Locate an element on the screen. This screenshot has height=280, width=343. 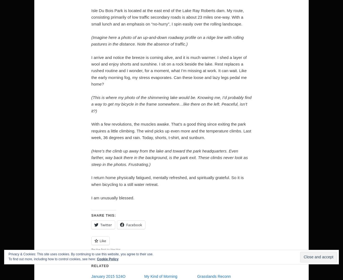
'Cookie Policy' is located at coordinates (97, 259).